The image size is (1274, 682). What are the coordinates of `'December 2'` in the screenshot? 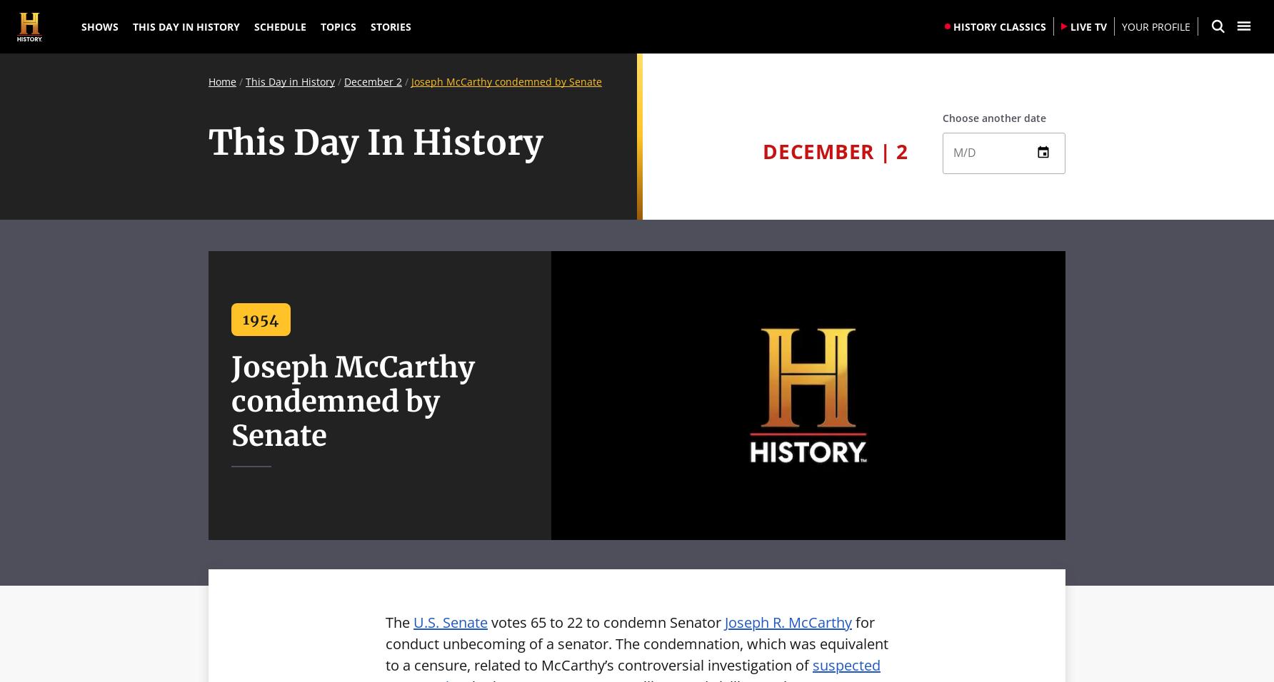 It's located at (344, 81).